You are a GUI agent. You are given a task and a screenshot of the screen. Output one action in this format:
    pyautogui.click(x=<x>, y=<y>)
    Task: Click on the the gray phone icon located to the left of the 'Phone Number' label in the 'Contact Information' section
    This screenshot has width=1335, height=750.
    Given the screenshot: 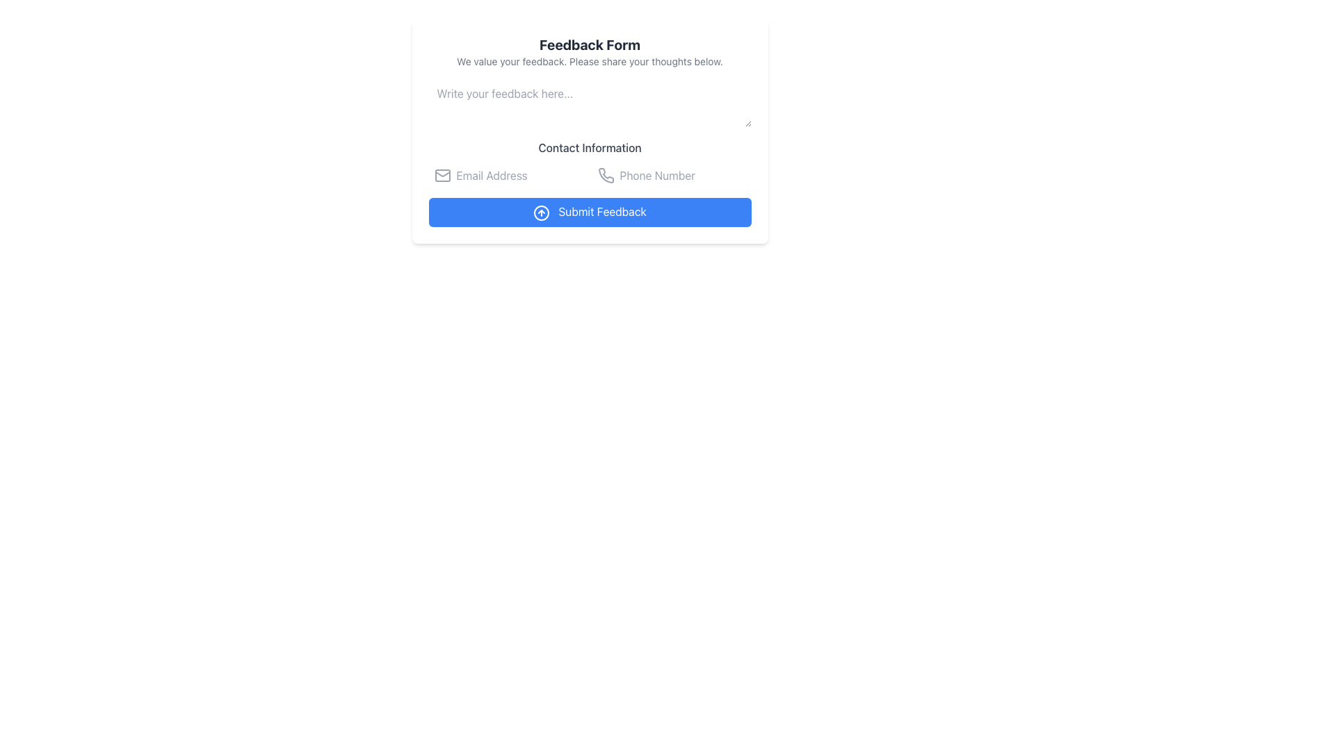 What is the action you would take?
    pyautogui.click(x=606, y=174)
    